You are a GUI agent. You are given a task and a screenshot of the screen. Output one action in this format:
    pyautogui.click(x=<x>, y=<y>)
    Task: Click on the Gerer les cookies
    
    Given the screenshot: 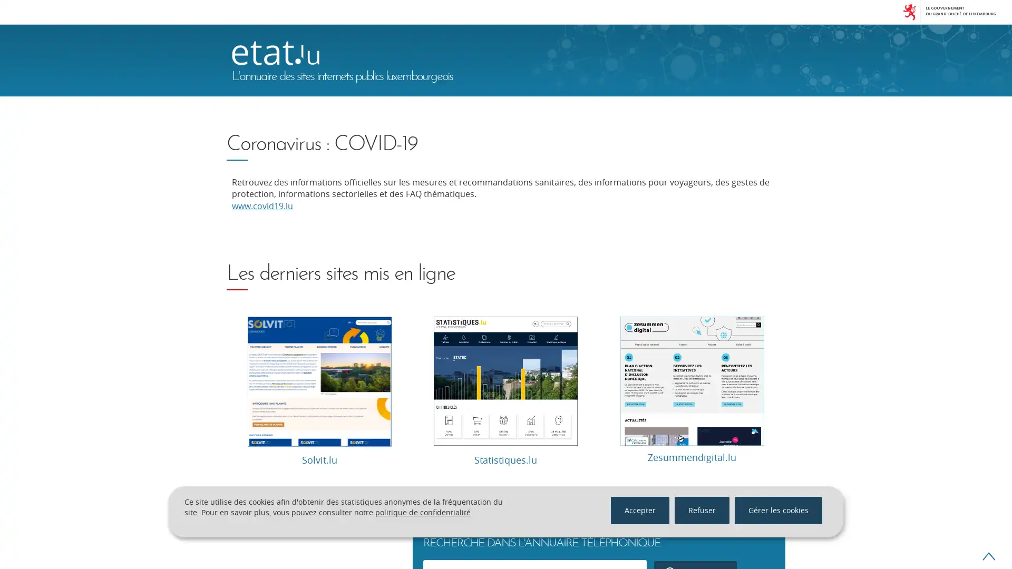 What is the action you would take?
    pyautogui.click(x=779, y=509)
    